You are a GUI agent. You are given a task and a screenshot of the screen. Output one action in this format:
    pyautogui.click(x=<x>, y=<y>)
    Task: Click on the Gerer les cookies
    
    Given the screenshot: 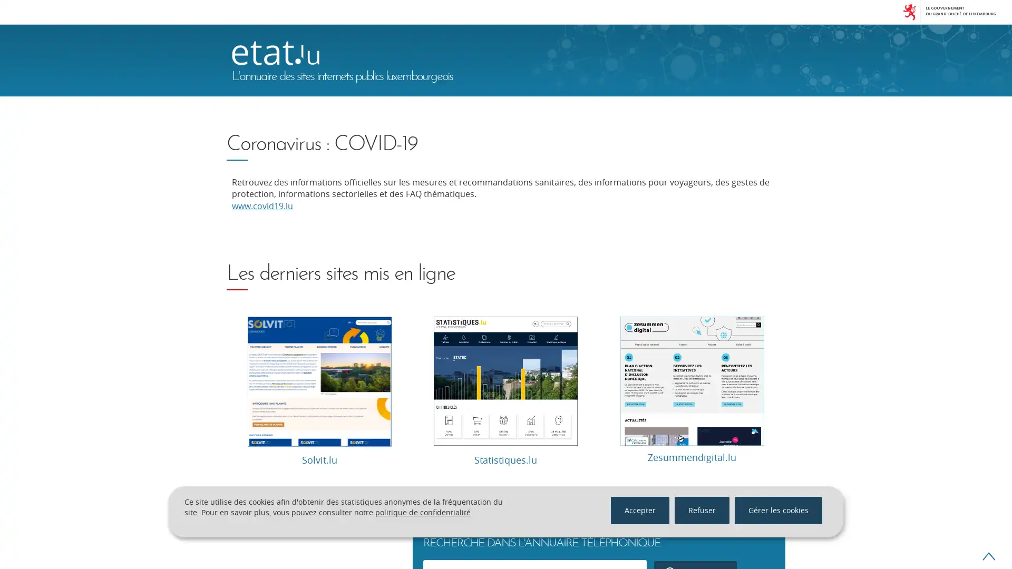 What is the action you would take?
    pyautogui.click(x=779, y=509)
    